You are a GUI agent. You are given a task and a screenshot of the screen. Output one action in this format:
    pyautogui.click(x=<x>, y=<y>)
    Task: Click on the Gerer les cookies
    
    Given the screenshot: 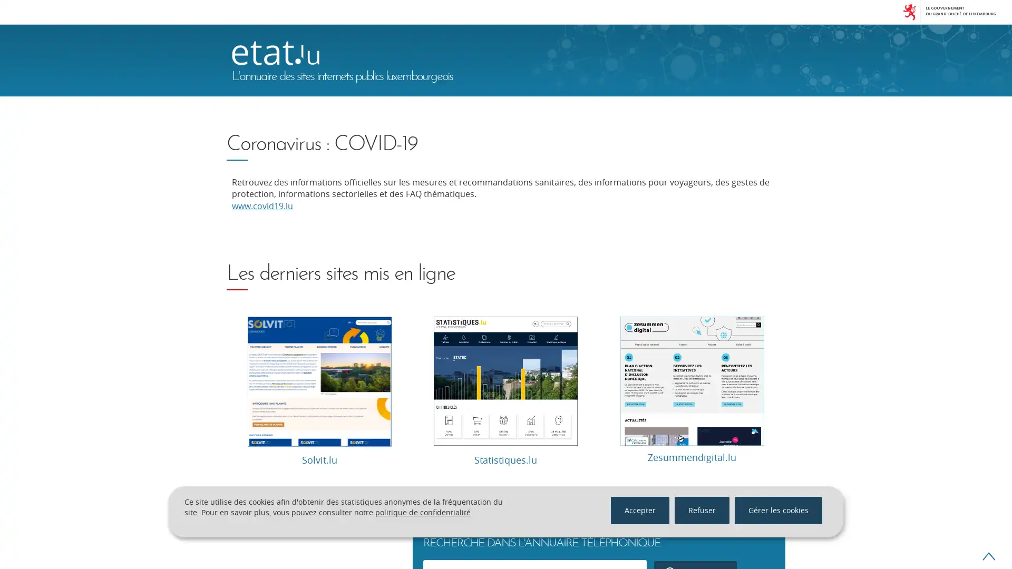 What is the action you would take?
    pyautogui.click(x=779, y=509)
    